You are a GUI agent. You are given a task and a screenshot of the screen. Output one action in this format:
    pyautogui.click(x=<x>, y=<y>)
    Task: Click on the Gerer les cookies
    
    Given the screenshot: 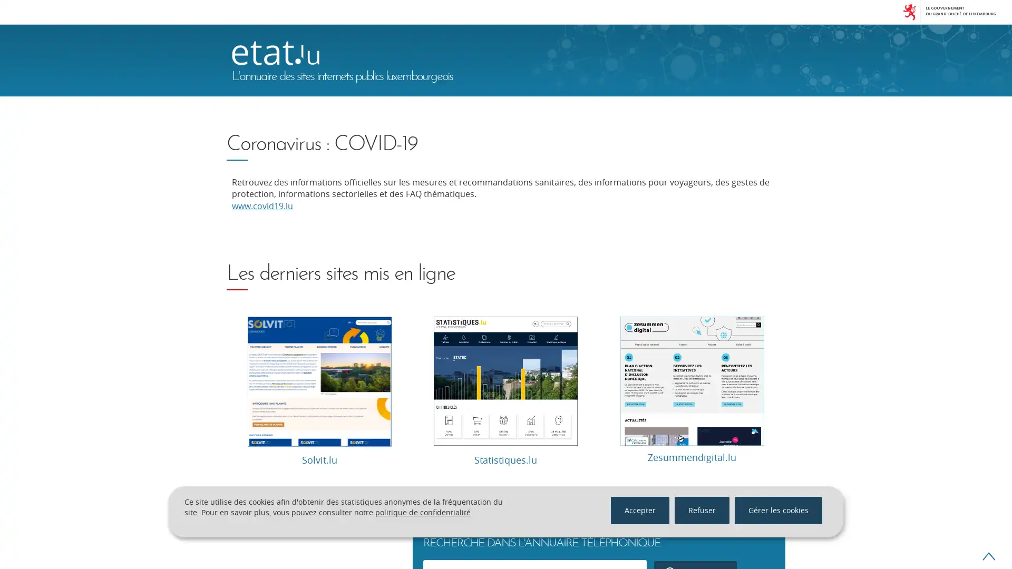 What is the action you would take?
    pyautogui.click(x=779, y=509)
    